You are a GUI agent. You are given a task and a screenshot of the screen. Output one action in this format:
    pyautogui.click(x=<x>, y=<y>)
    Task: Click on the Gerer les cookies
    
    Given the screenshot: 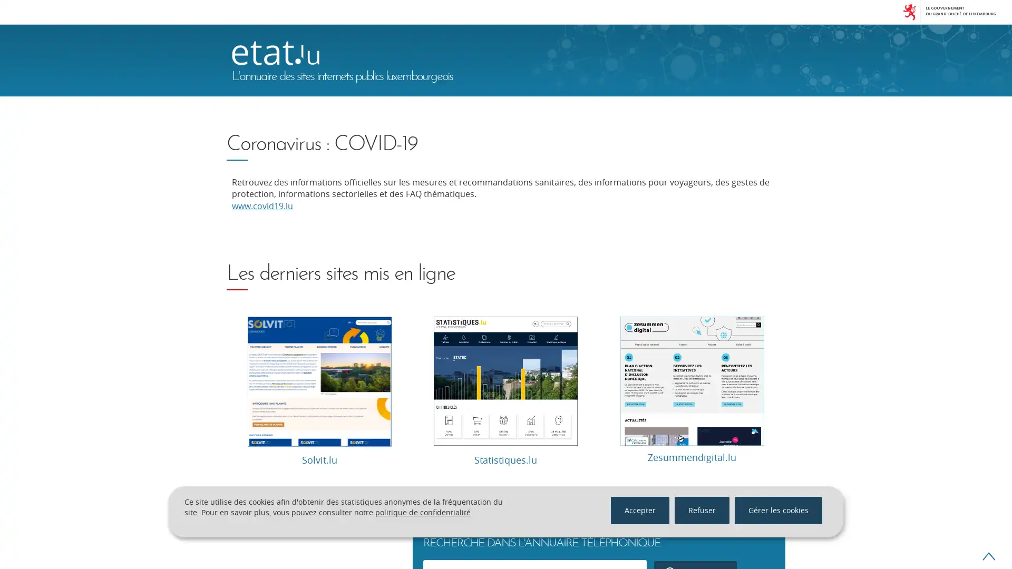 What is the action you would take?
    pyautogui.click(x=779, y=509)
    